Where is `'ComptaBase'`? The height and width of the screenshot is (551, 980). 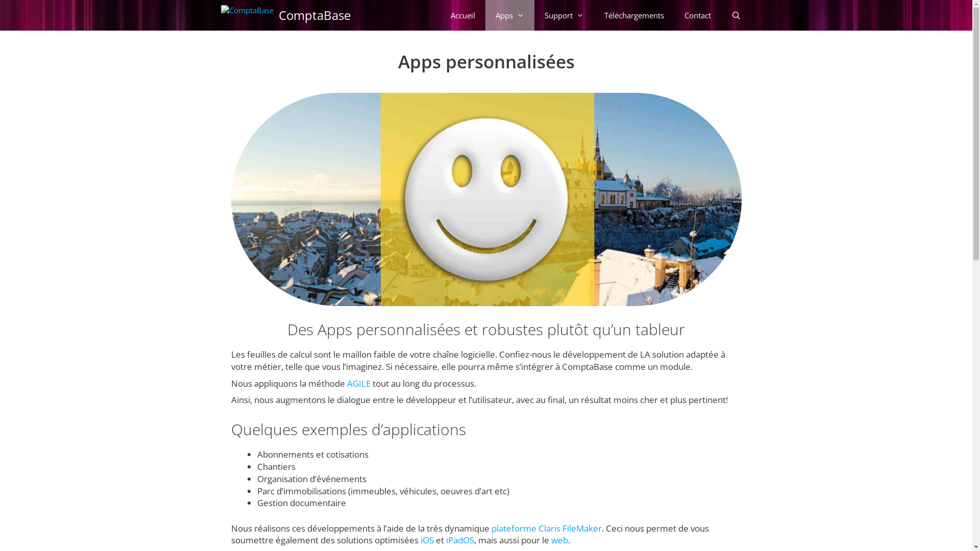
'ComptaBase' is located at coordinates (249, 15).